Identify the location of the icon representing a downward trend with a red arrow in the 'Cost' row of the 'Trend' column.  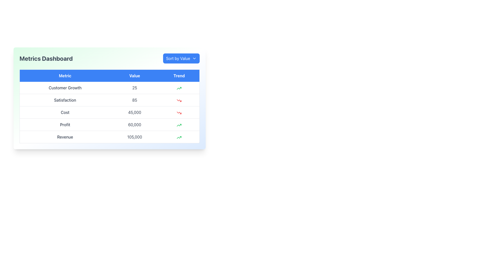
(179, 112).